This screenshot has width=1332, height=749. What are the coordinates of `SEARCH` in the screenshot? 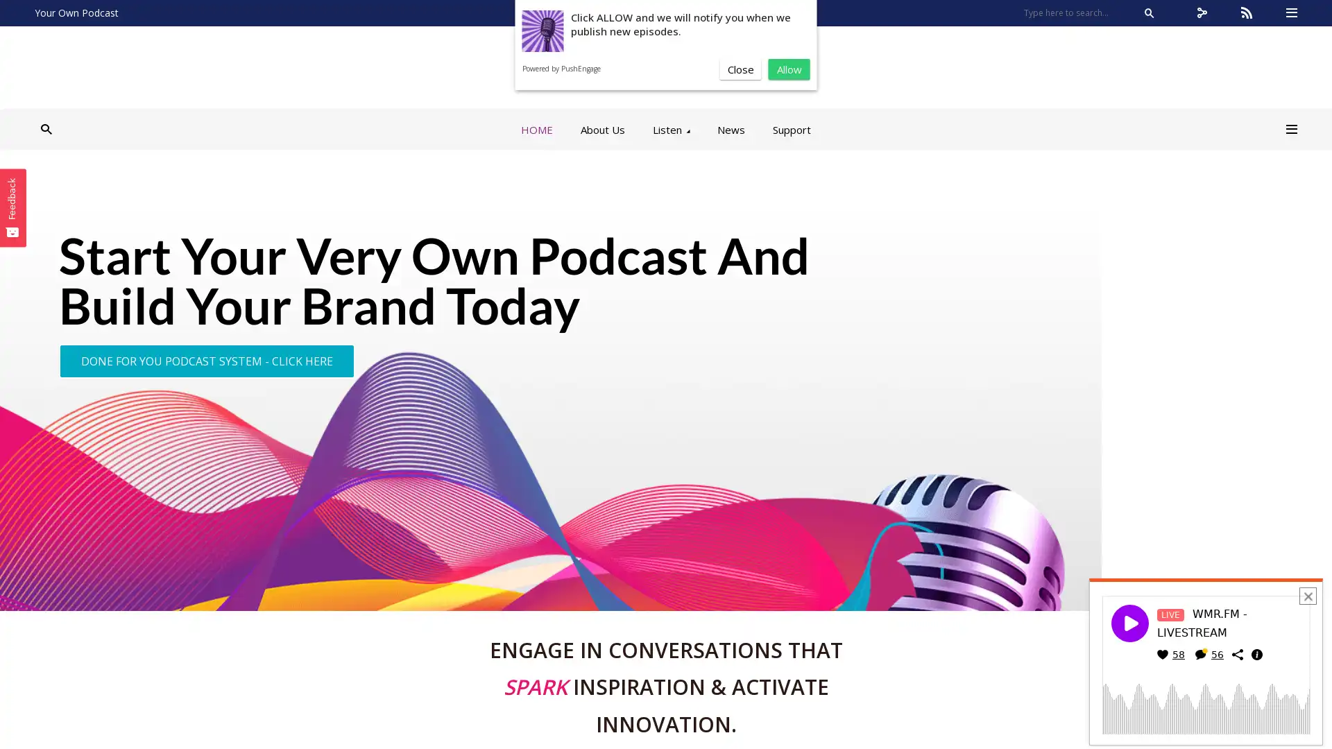 It's located at (1149, 13).